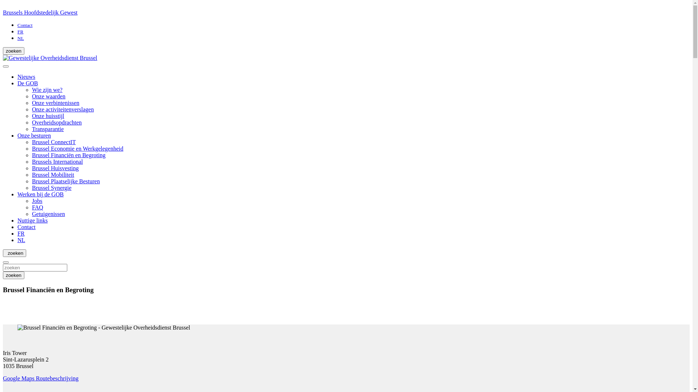 The height and width of the screenshot is (392, 698). What do you see at coordinates (48, 213) in the screenshot?
I see `'Getuigenissen'` at bounding box center [48, 213].